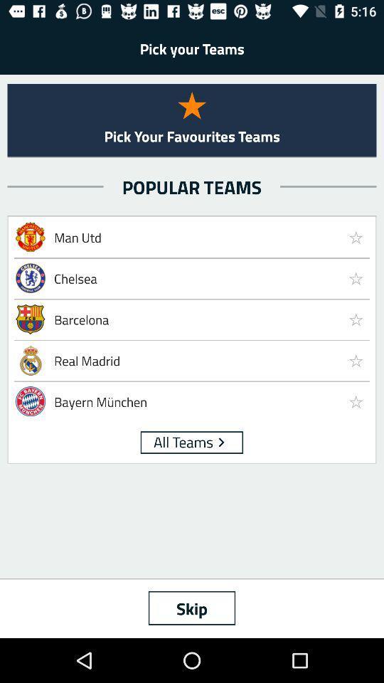 The height and width of the screenshot is (683, 384). I want to click on skip item, so click(192, 607).